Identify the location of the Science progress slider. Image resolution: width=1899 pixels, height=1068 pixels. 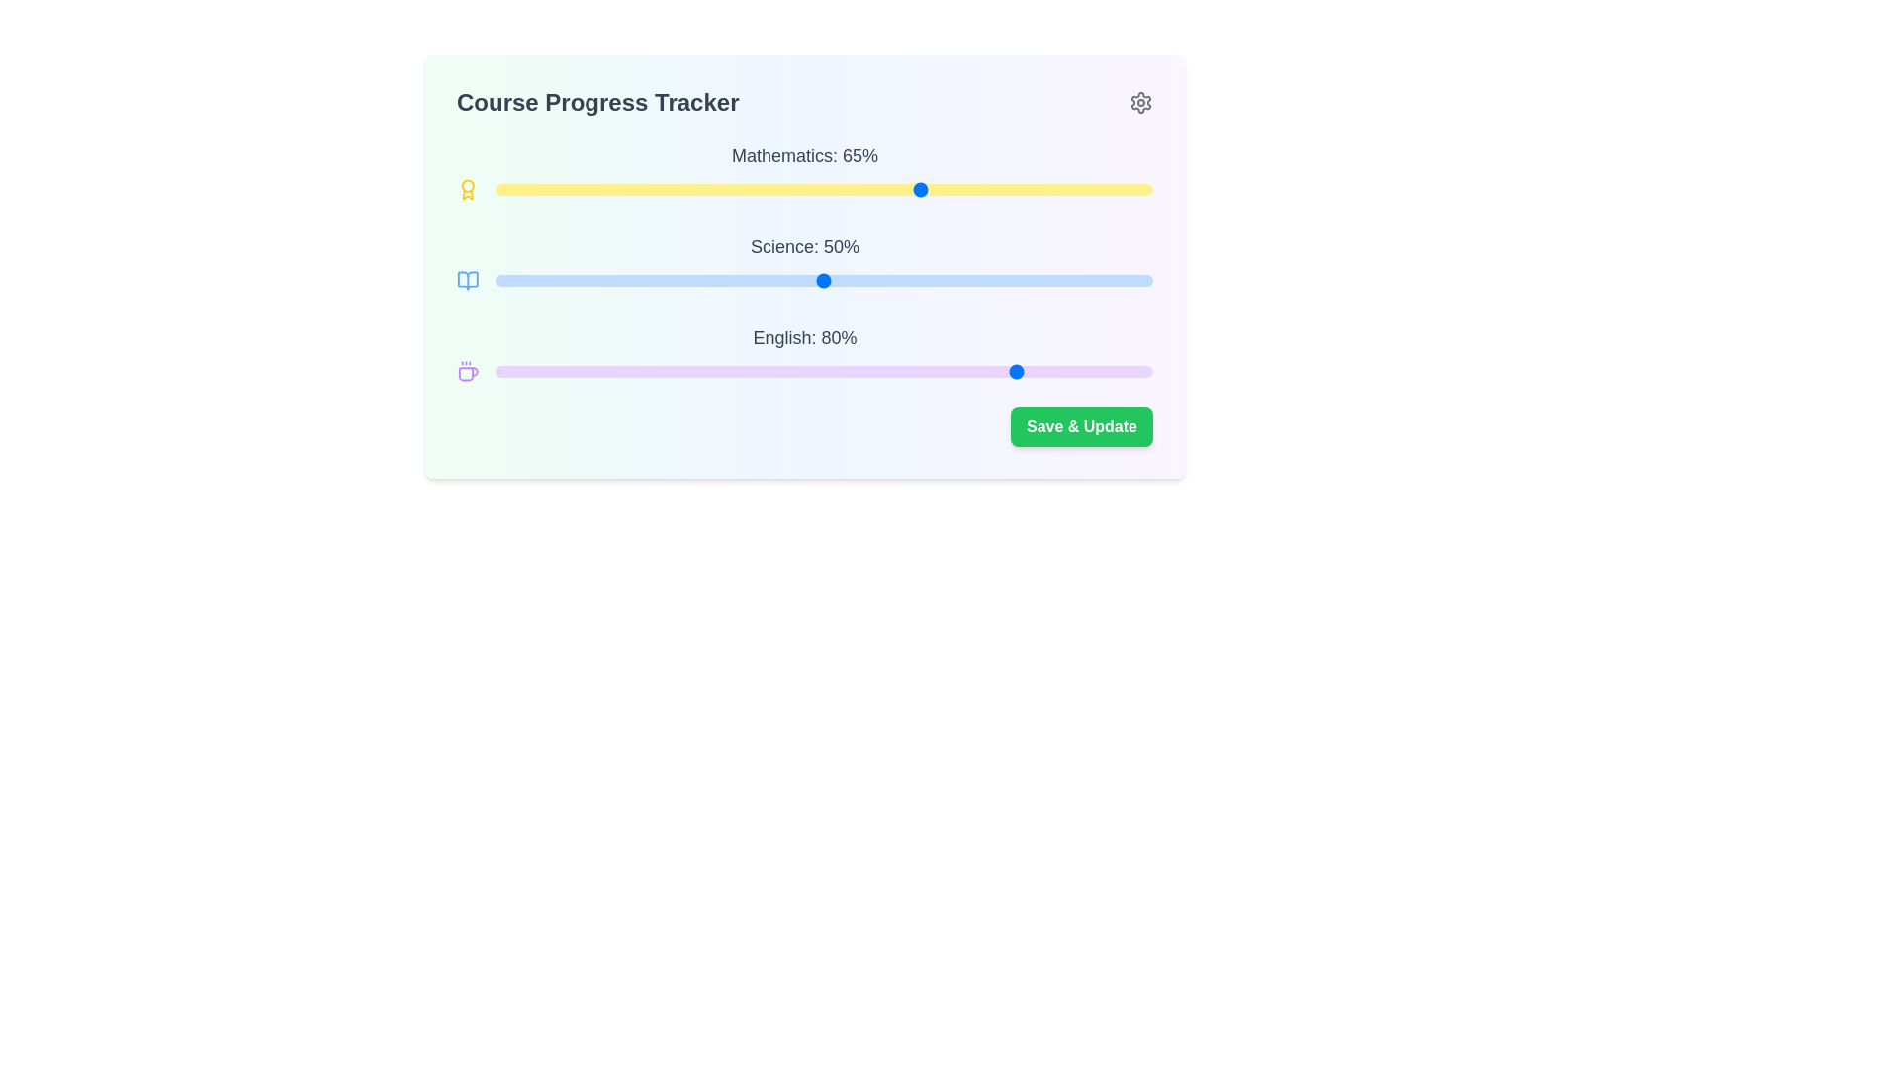
(875, 281).